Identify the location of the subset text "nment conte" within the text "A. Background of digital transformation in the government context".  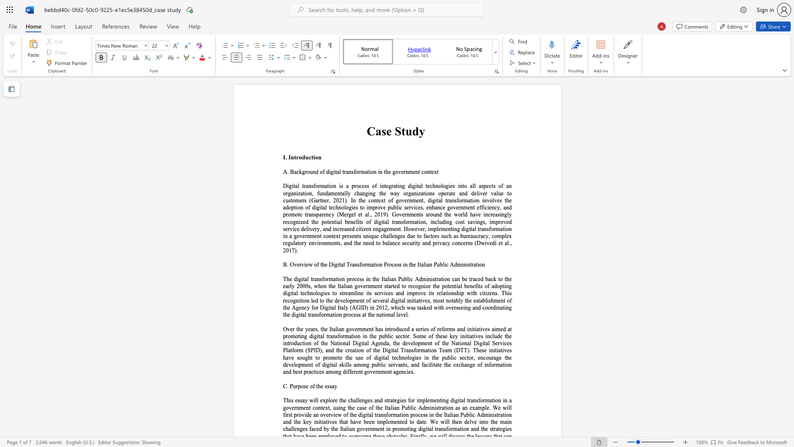
(405, 171).